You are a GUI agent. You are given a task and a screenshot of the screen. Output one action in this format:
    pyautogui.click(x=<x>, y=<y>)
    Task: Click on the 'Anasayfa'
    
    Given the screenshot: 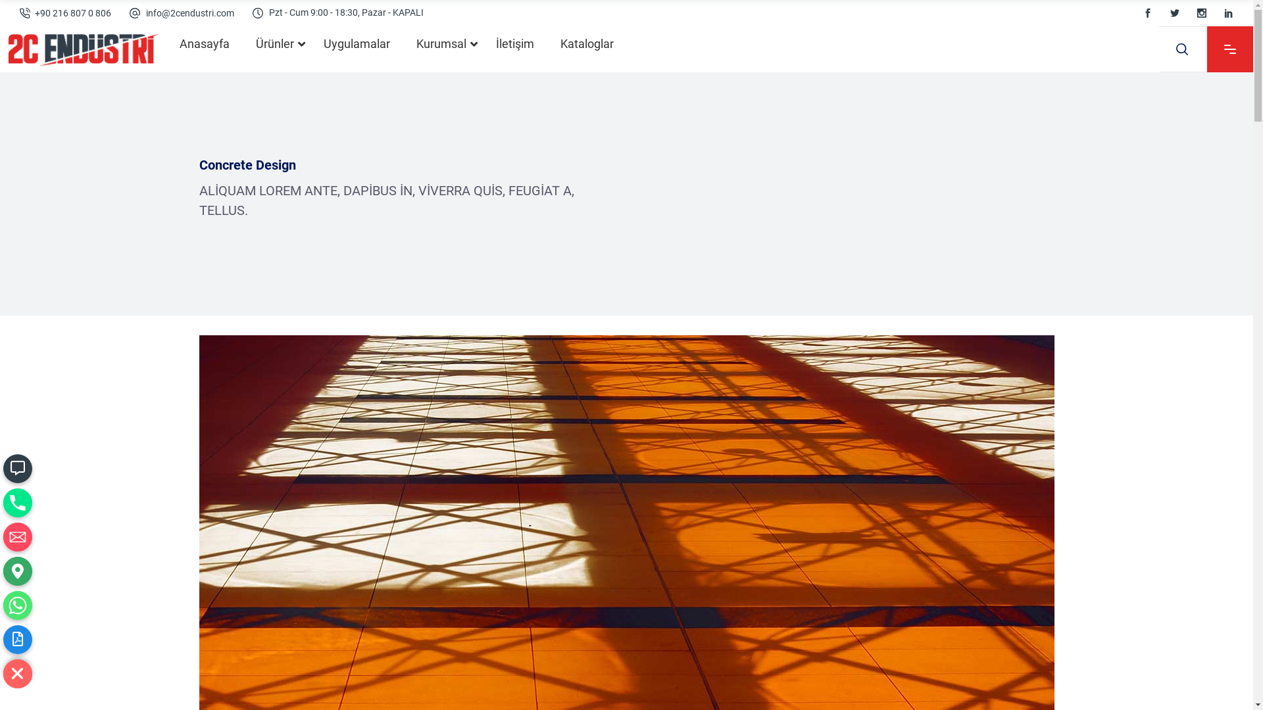 What is the action you would take?
    pyautogui.click(x=204, y=43)
    